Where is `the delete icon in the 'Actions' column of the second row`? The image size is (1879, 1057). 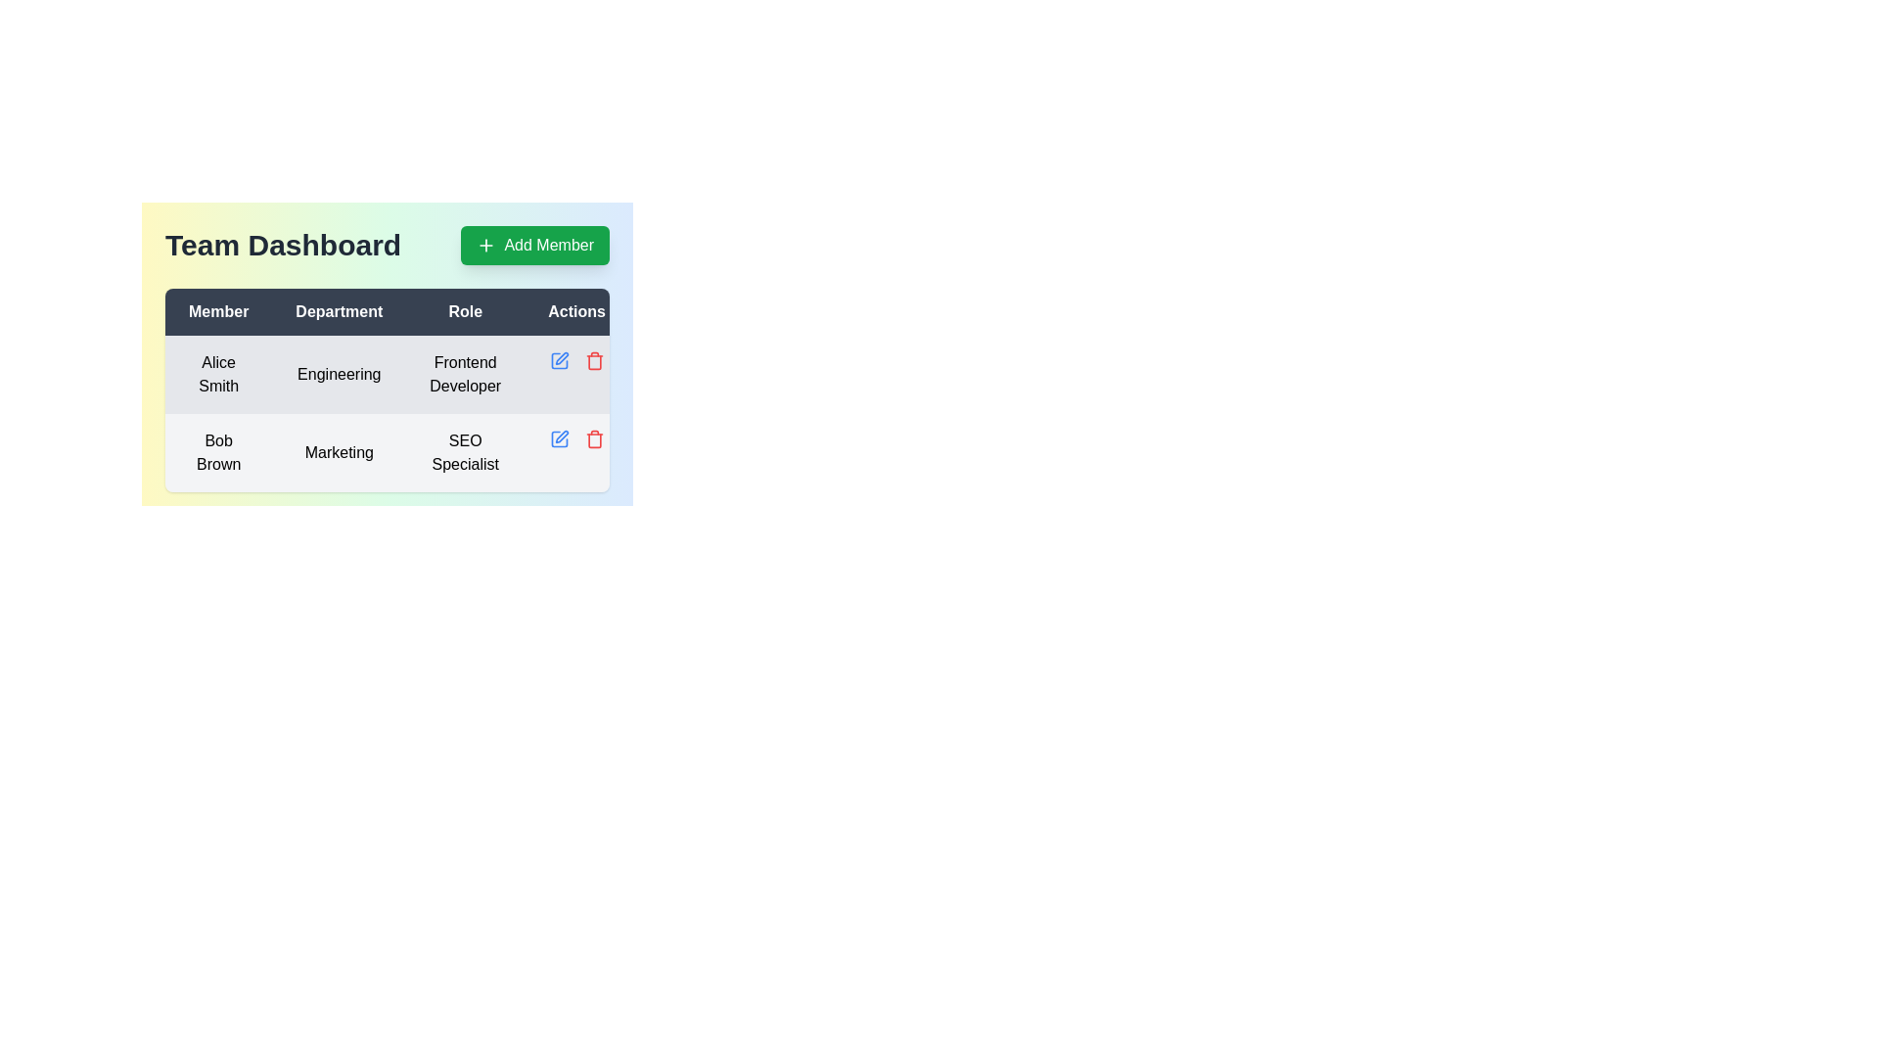
the delete icon in the 'Actions' column of the second row is located at coordinates (593, 437).